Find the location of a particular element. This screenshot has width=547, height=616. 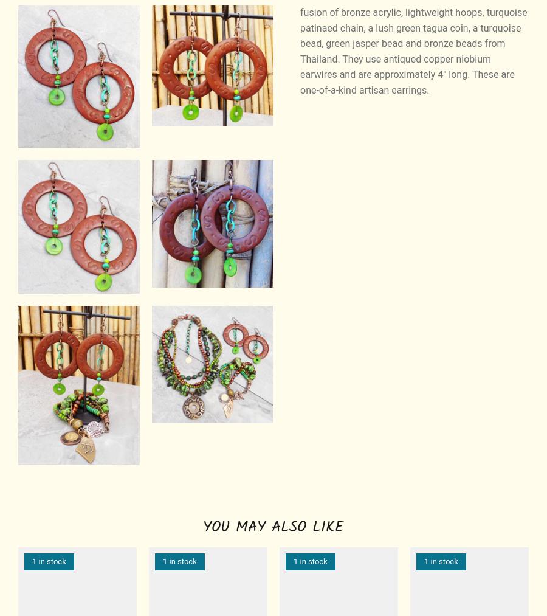

'Colombia' is located at coordinates (394, 483).